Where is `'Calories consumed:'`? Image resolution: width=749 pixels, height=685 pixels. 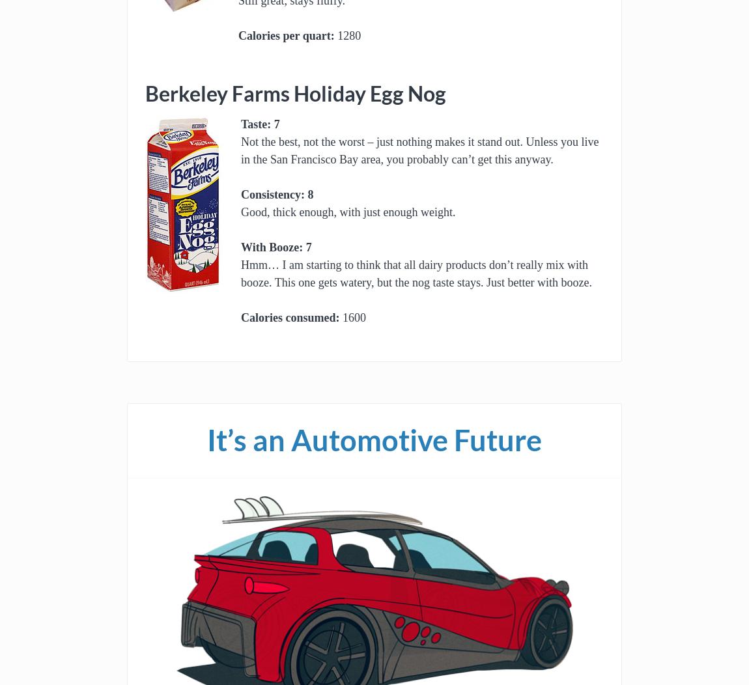 'Calories consumed:' is located at coordinates (290, 317).